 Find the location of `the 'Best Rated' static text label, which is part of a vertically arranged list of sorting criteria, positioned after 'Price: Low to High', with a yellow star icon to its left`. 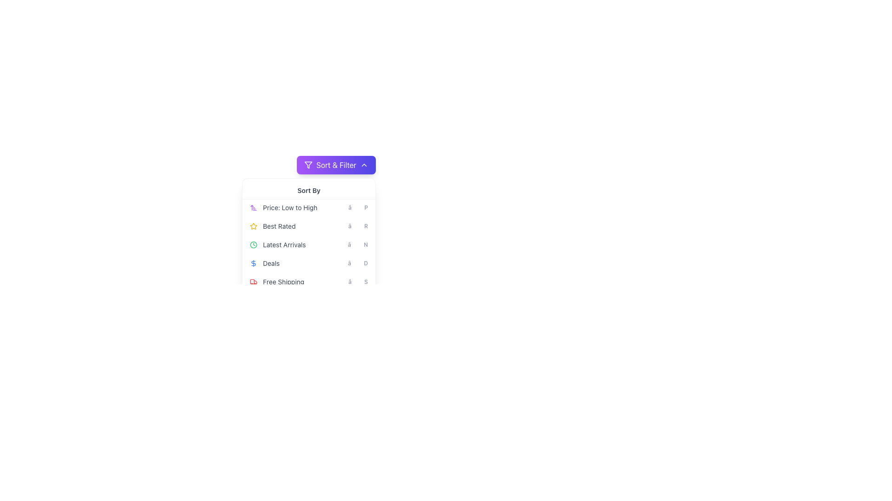

the 'Best Rated' static text label, which is part of a vertically arranged list of sorting criteria, positioned after 'Price: Low to High', with a yellow star icon to its left is located at coordinates (279, 226).